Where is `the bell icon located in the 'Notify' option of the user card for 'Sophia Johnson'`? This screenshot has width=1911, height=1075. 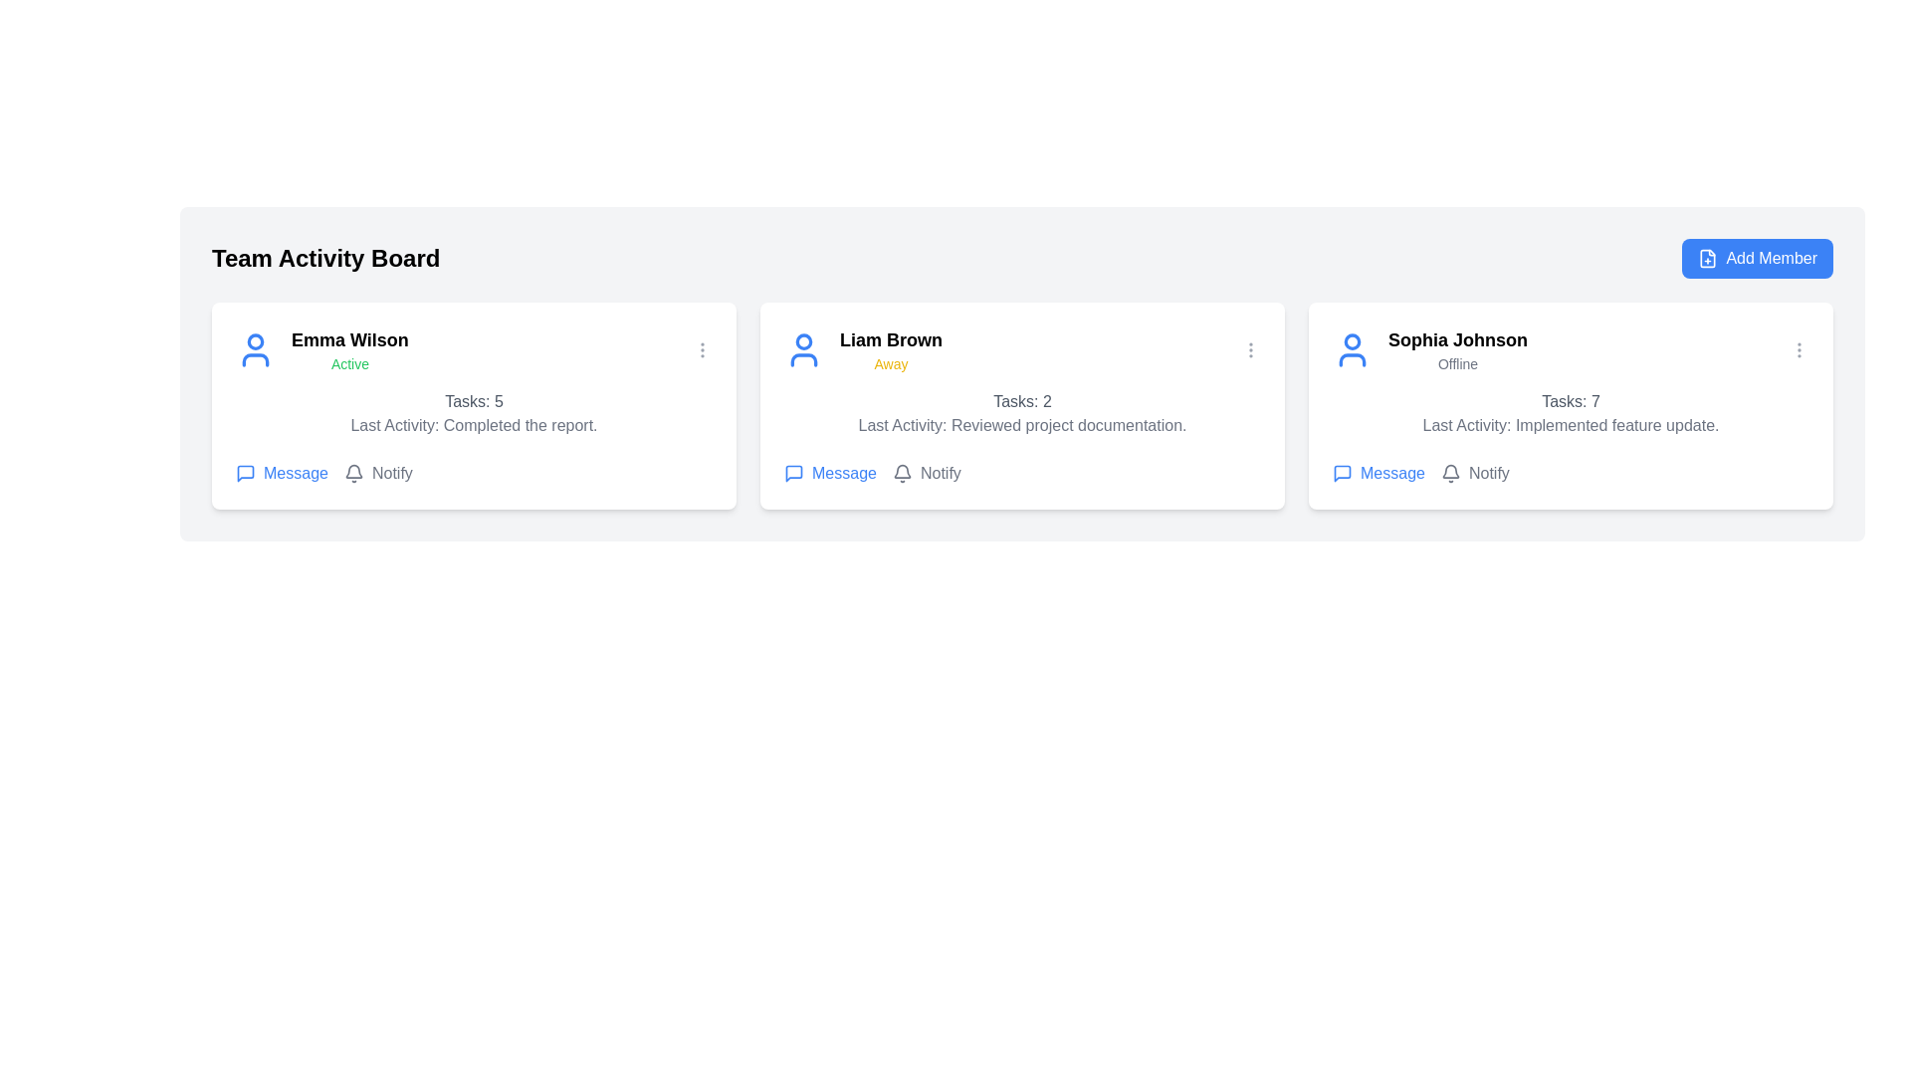 the bell icon located in the 'Notify' option of the user card for 'Sophia Johnson' is located at coordinates (1450, 473).